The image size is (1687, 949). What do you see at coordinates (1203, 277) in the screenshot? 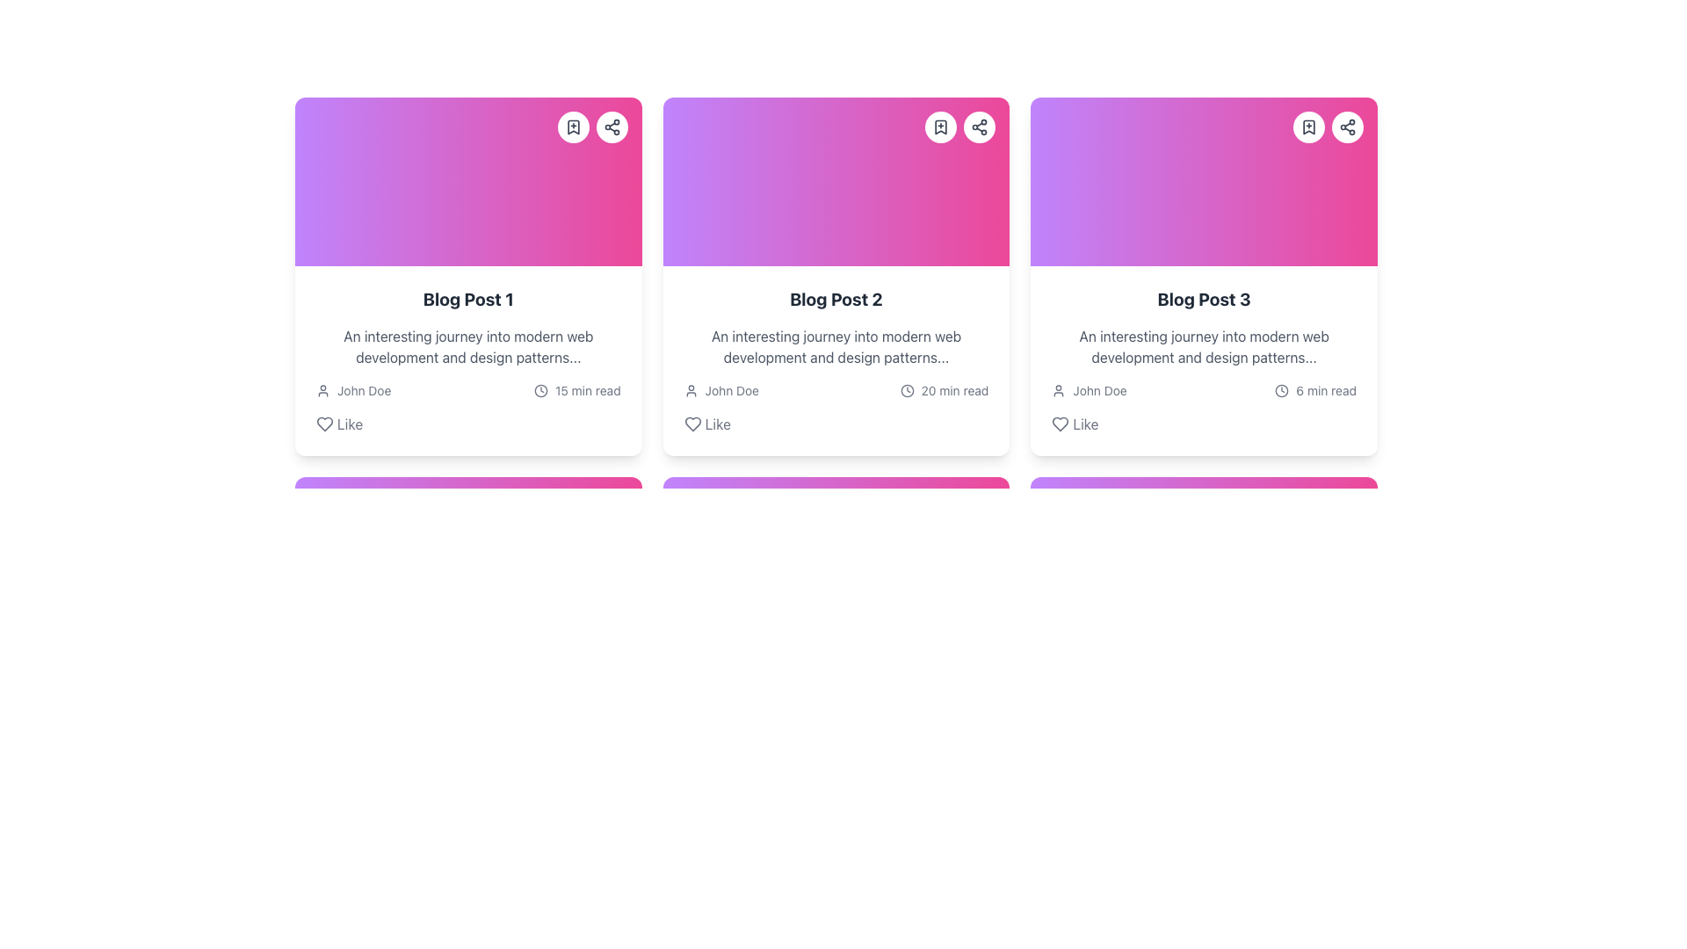
I see `the third card in the grid layout, which features a white background, rounded corners, a gradient top section from purple to pink, and the title 'Blog Post 3' with a 'Like' option` at bounding box center [1203, 277].